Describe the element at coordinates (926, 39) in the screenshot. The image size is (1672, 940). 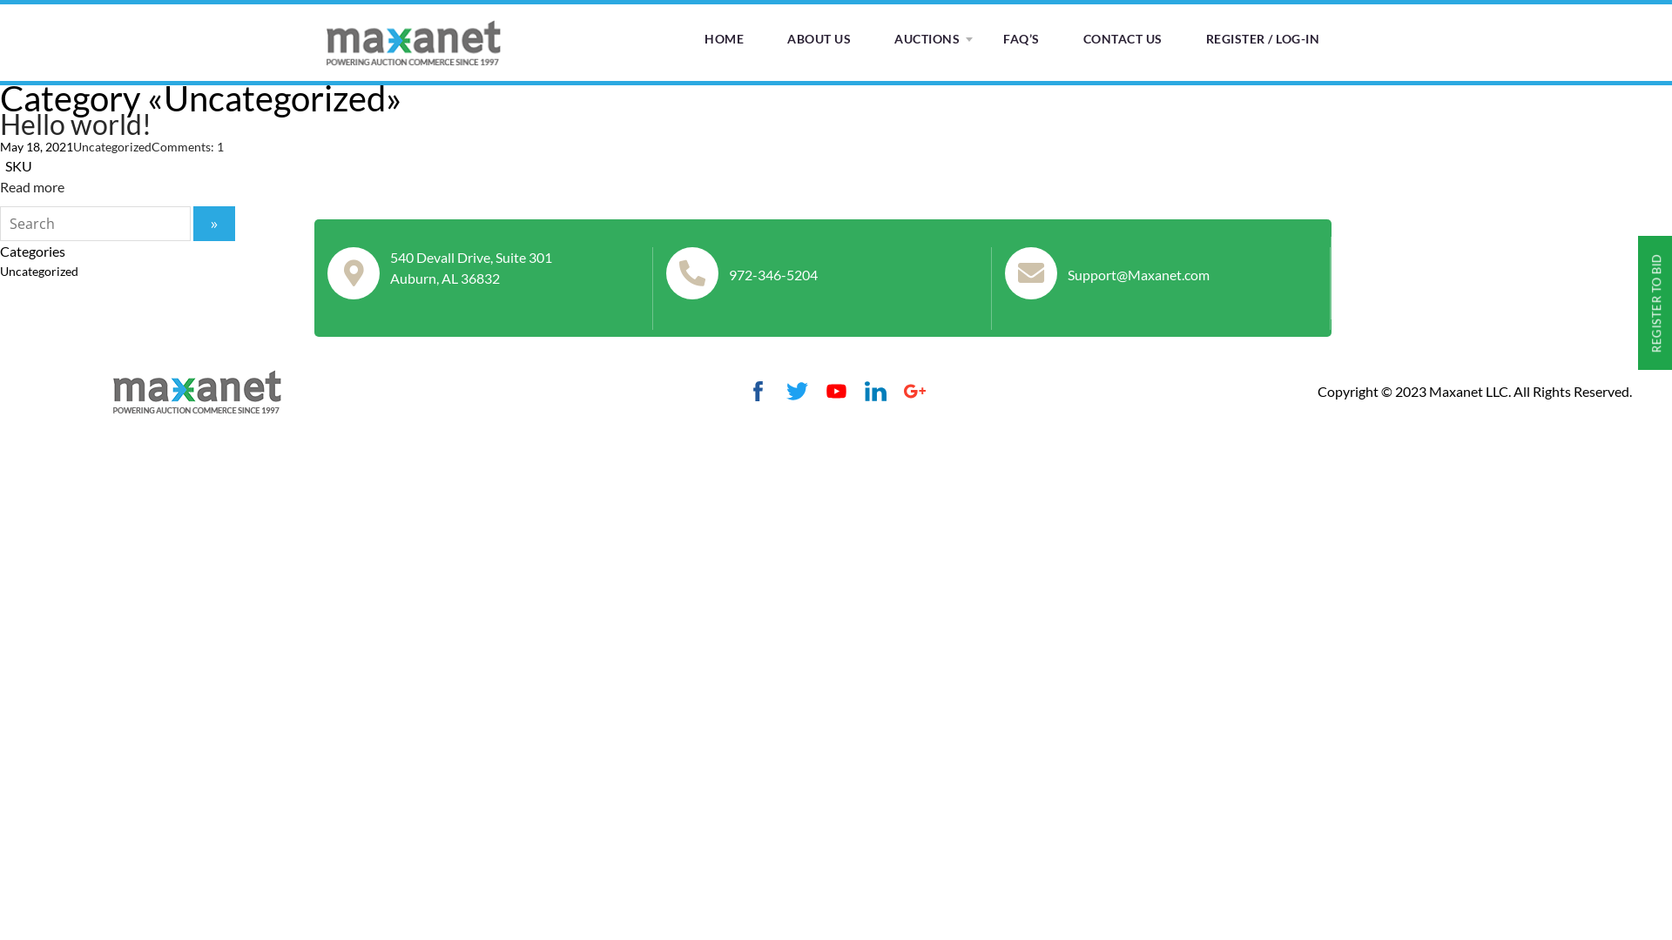
I see `'AUCTIONS'` at that location.